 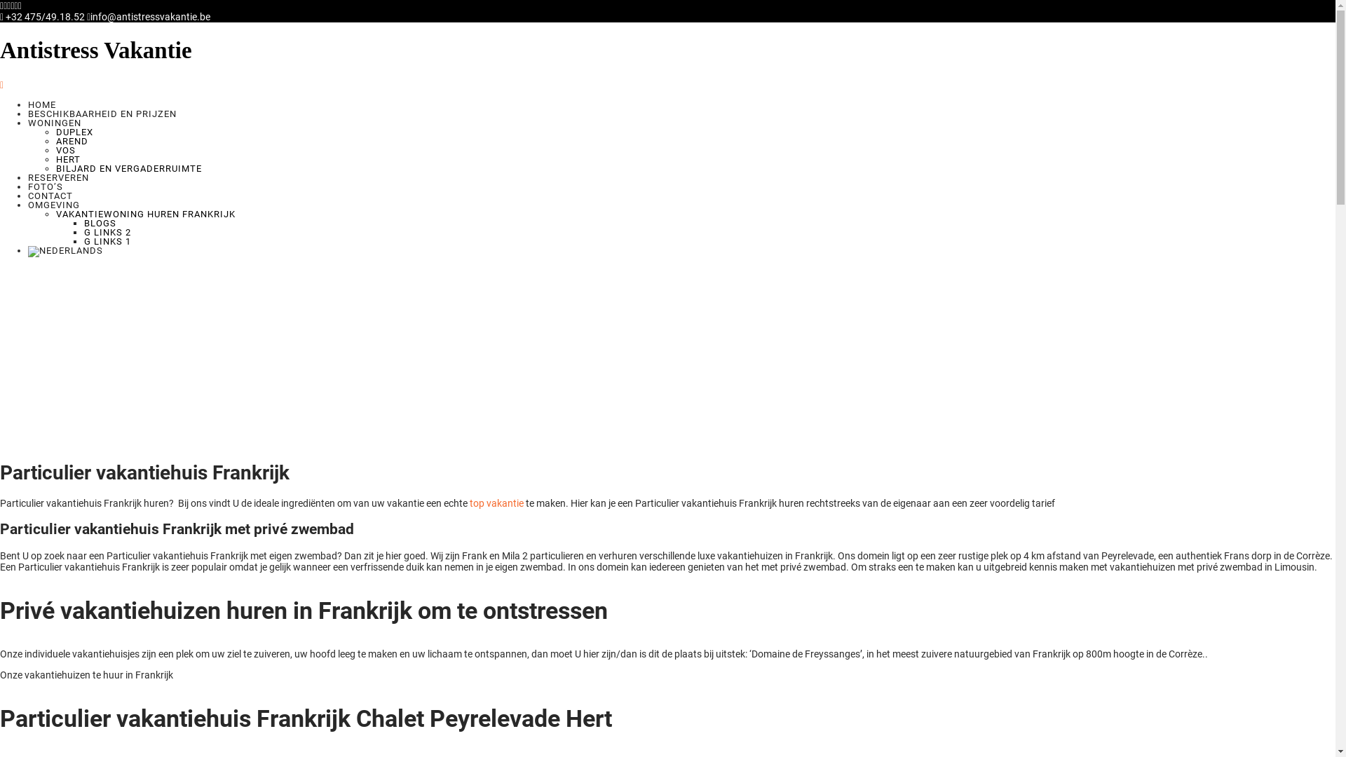 I want to click on 'WONINGEN', so click(x=54, y=122).